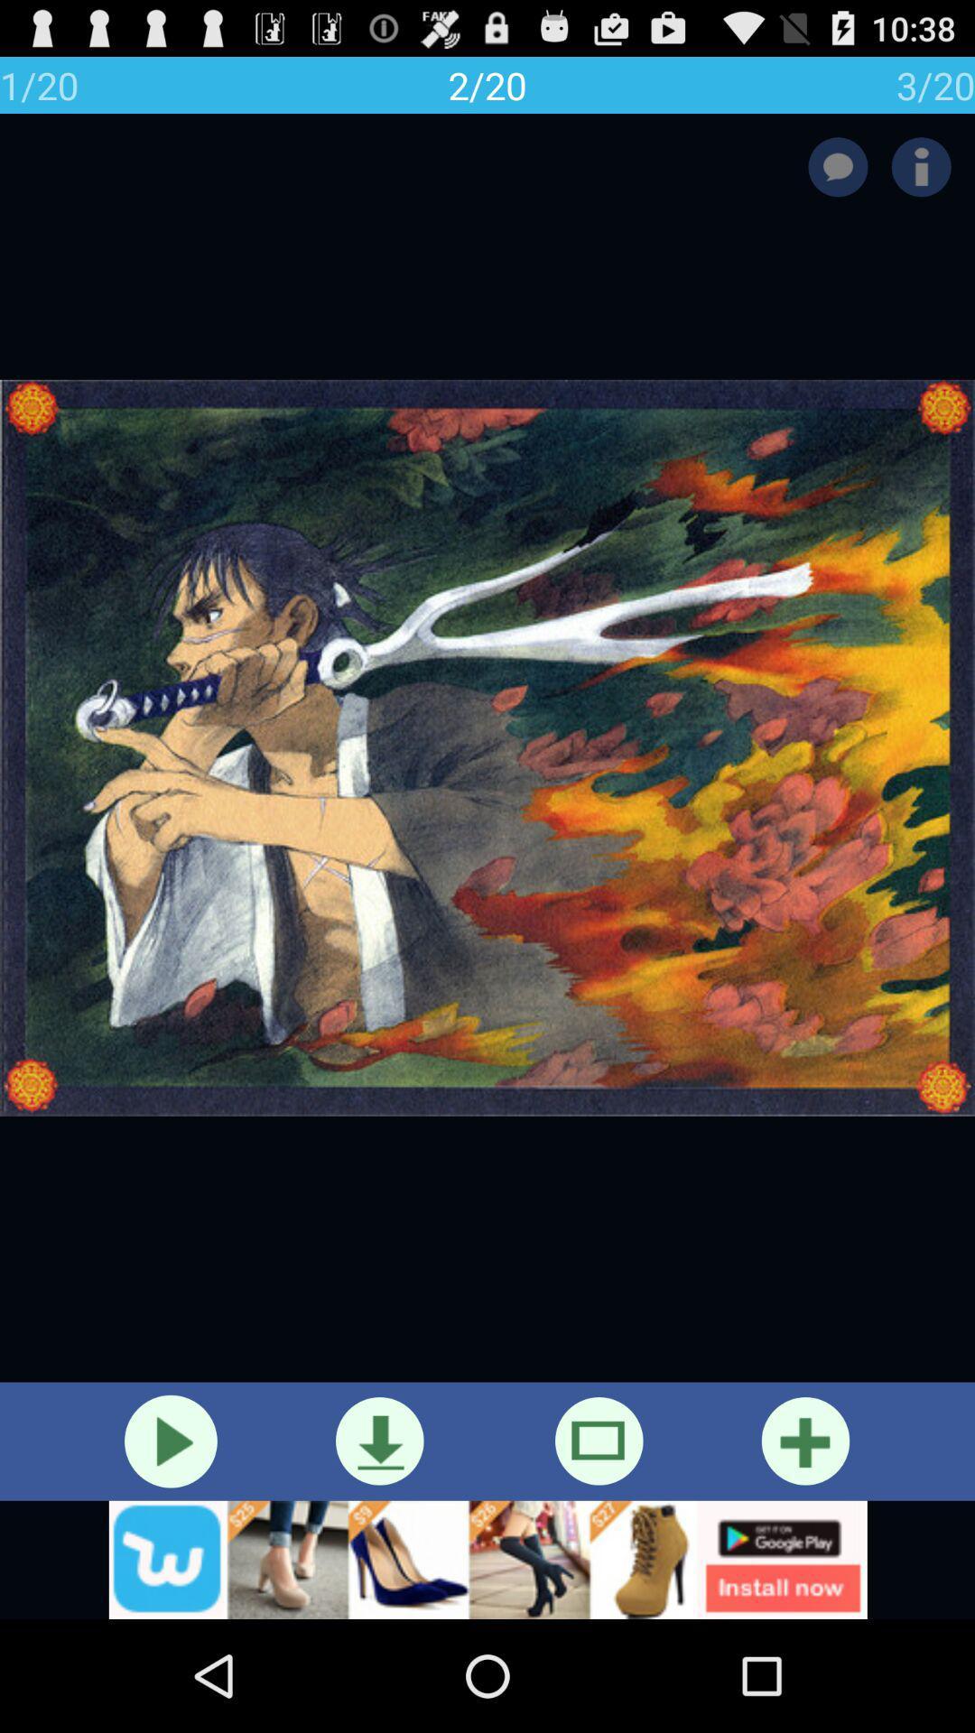  I want to click on download button, so click(378, 1440).